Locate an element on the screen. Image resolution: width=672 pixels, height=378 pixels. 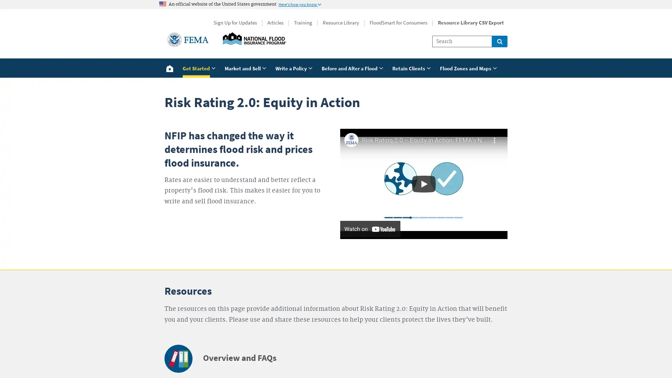
Use <enter> and shift + <enter> to open and close the drop down to sub-menus is located at coordinates (295, 68).